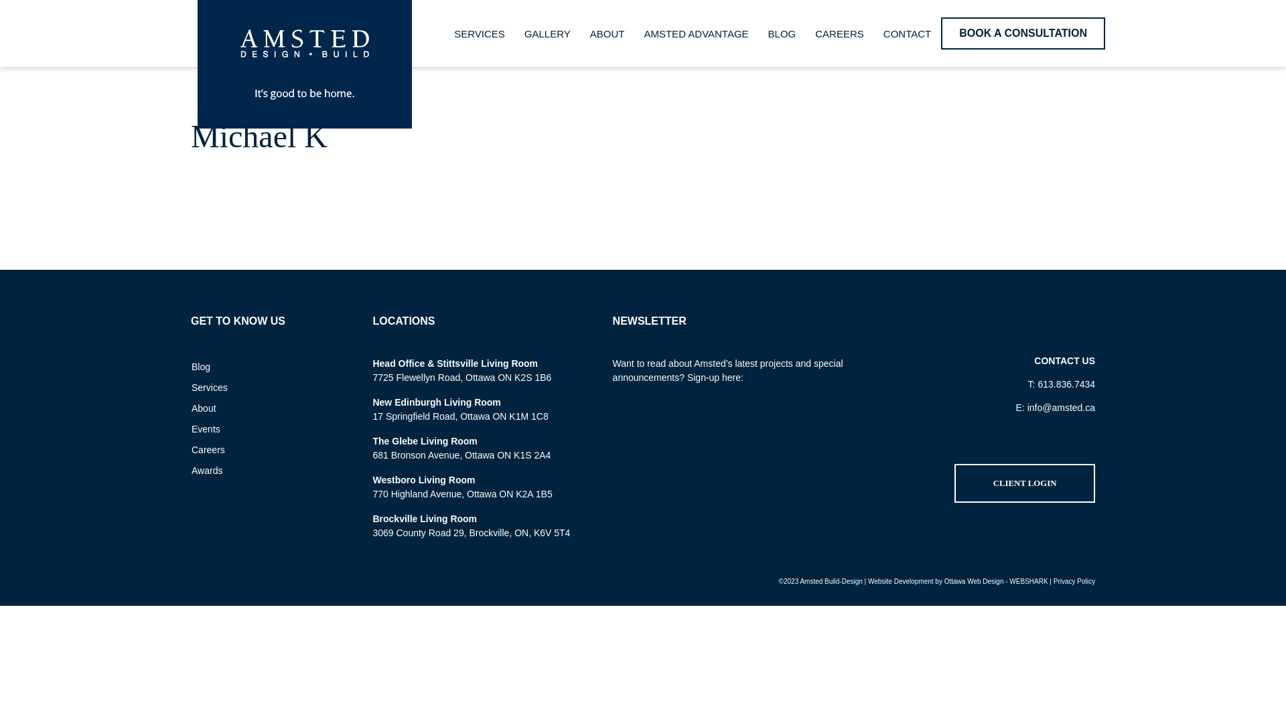 The width and height of the screenshot is (1286, 723). What do you see at coordinates (1053, 580) in the screenshot?
I see `'Privacy Policy'` at bounding box center [1053, 580].